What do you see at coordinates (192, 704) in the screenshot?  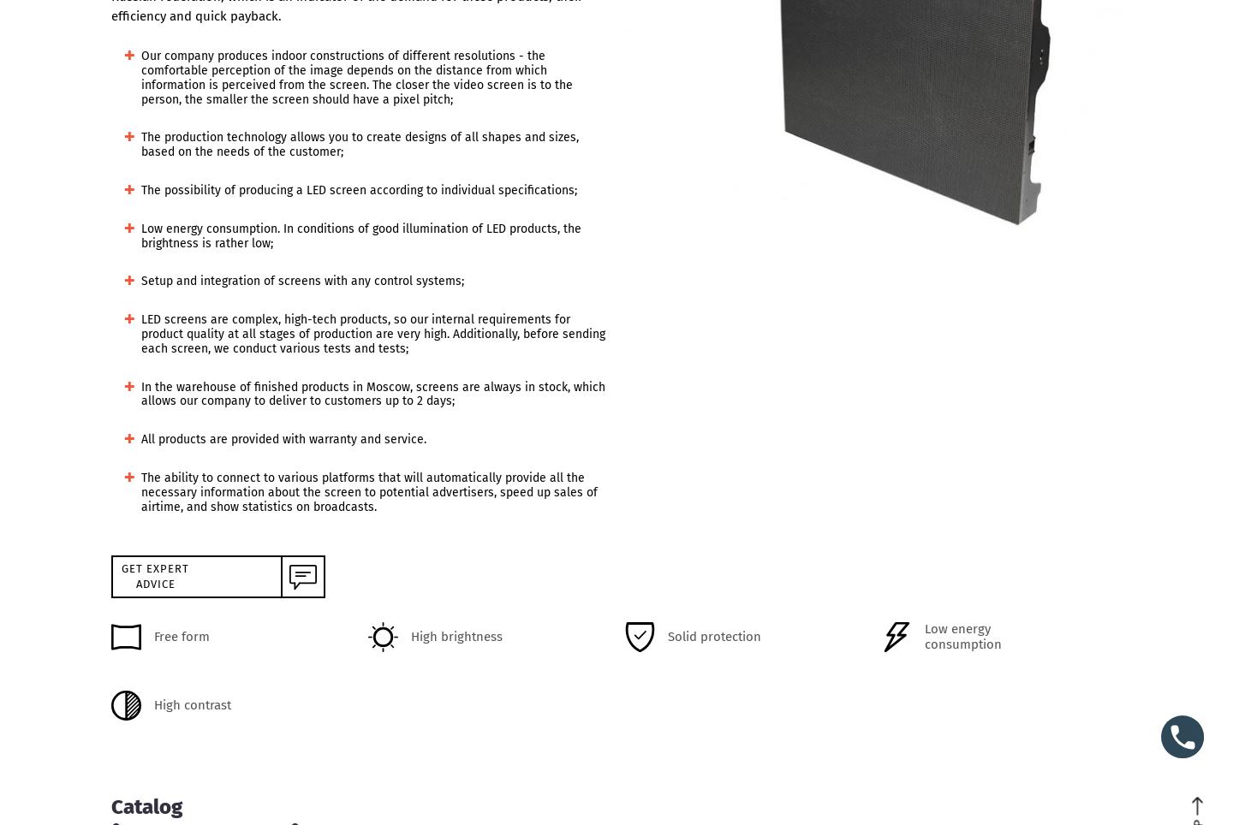 I see `'High contrast'` at bounding box center [192, 704].